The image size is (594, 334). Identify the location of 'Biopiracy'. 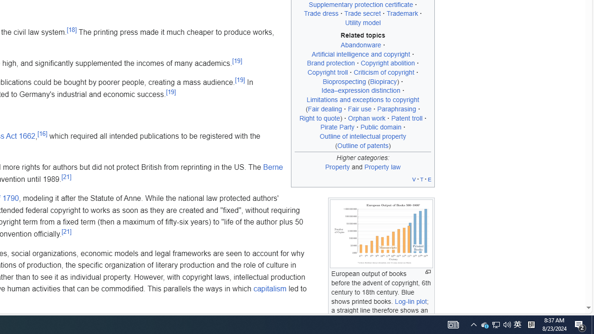
(383, 81).